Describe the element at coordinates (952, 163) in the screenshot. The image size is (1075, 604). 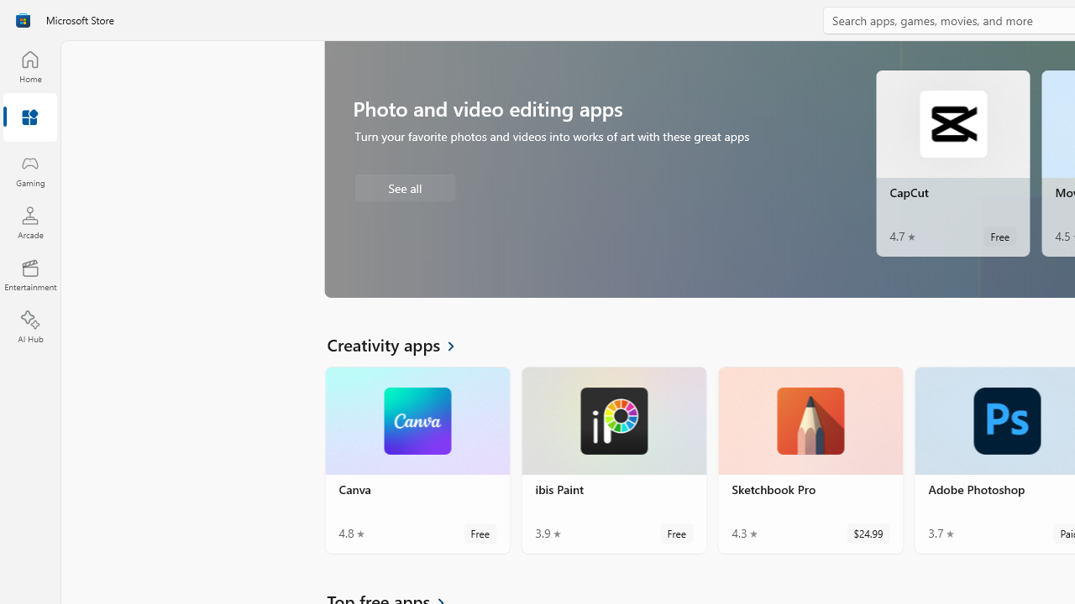
I see `'CapCut. Average rating of 4.7 out of five stars. Free  '` at that location.